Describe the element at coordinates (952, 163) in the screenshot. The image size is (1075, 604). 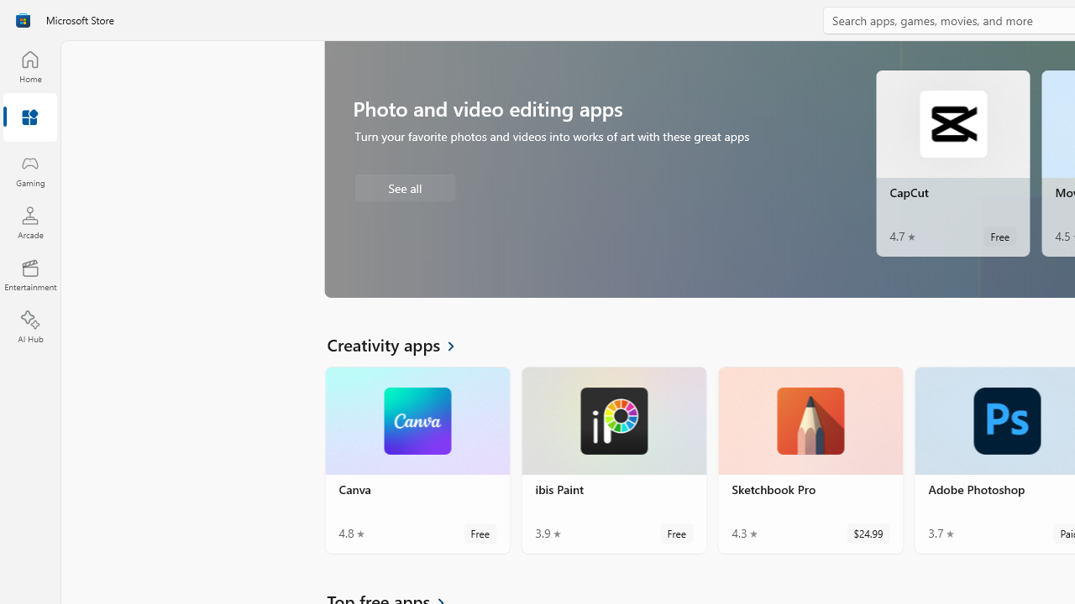
I see `'CapCut. Average rating of 4.7 out of five stars. Free  '` at that location.